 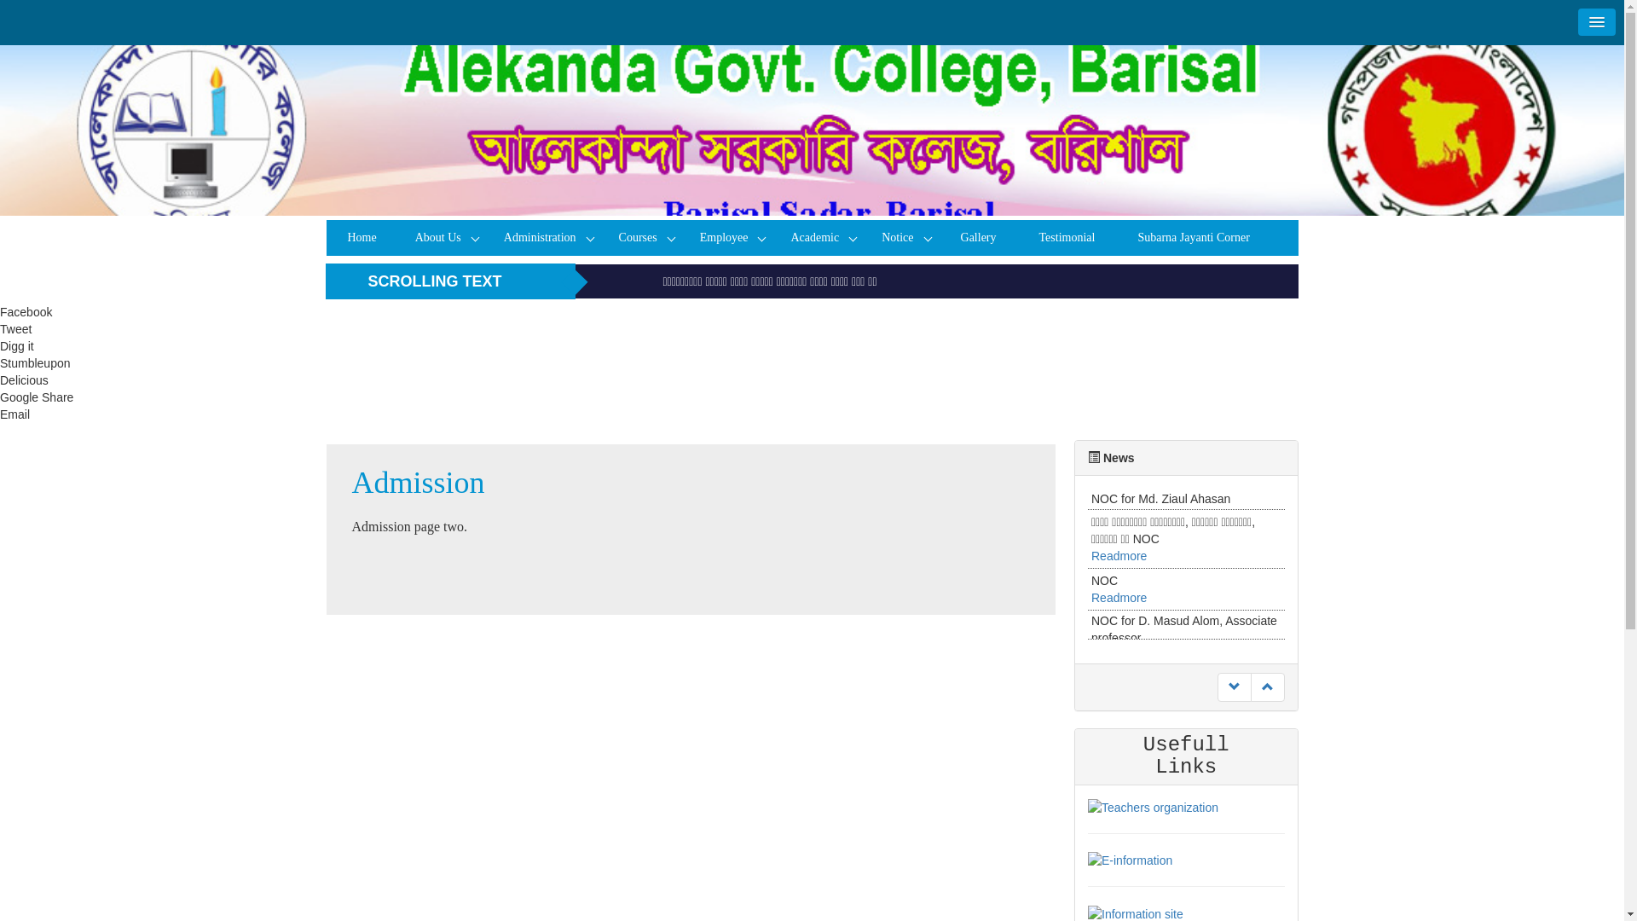 I want to click on 'Home', so click(x=326, y=237).